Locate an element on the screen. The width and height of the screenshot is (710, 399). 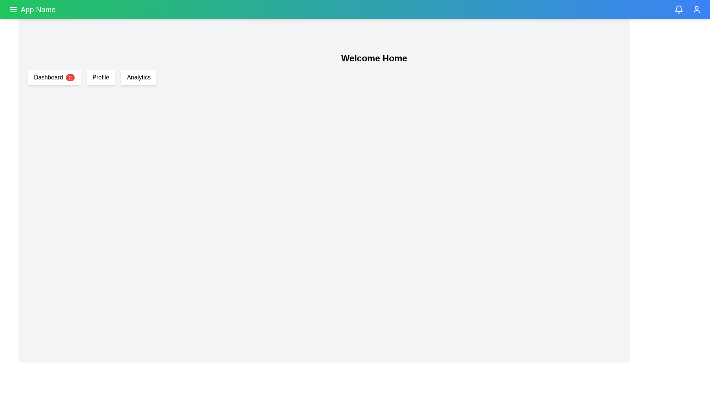
the 'Dashboard' button-like navigation element with a badge is located at coordinates (54, 77).